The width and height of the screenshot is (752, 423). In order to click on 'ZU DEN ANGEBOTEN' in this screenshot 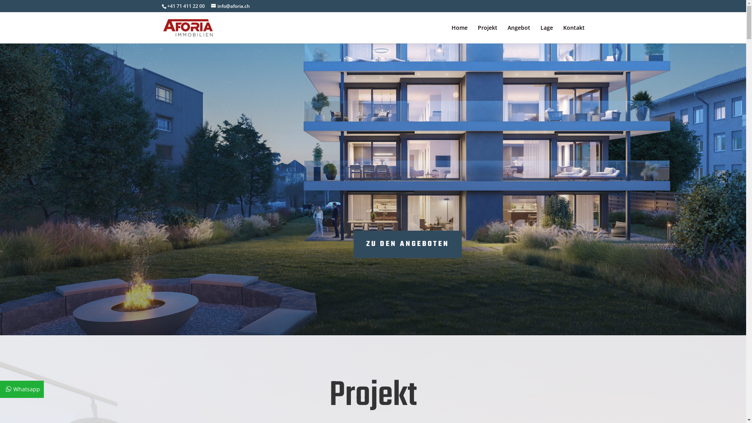, I will do `click(407, 244)`.